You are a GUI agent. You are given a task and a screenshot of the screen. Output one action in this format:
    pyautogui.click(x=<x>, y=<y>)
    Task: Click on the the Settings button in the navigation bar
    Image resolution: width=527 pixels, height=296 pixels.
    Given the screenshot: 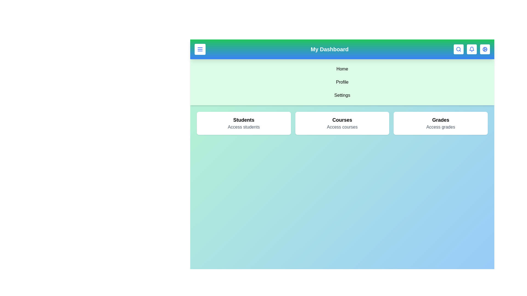 What is the action you would take?
    pyautogui.click(x=485, y=49)
    